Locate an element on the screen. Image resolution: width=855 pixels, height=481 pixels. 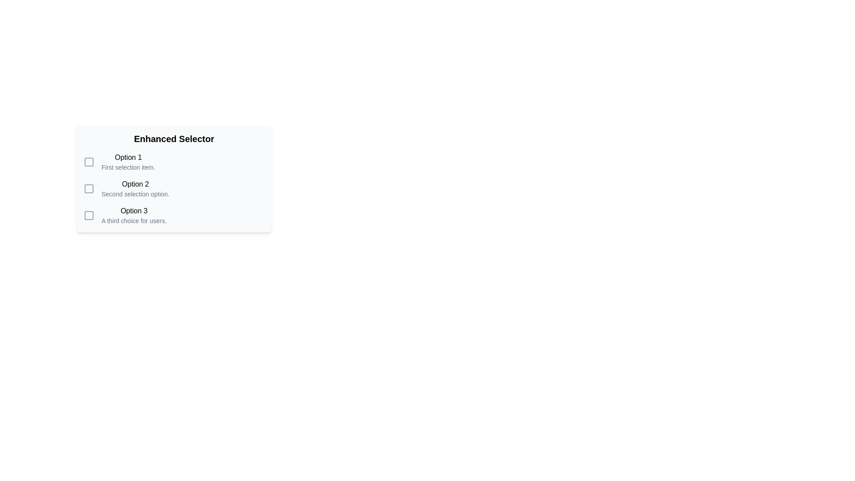
SVG graphical component located at the top-left corner of the selector options panel, adjacent to the text labeled 'Option 1', for debugging purposes is located at coordinates (89, 162).